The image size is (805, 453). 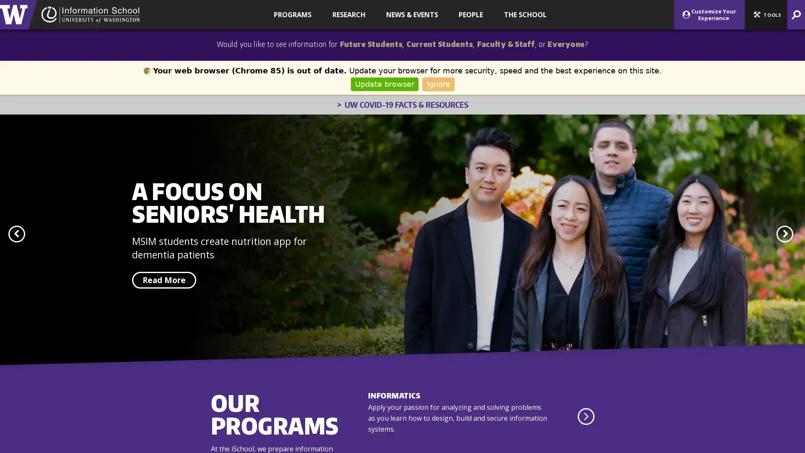 What do you see at coordinates (784, 234) in the screenshot?
I see `Next` at bounding box center [784, 234].